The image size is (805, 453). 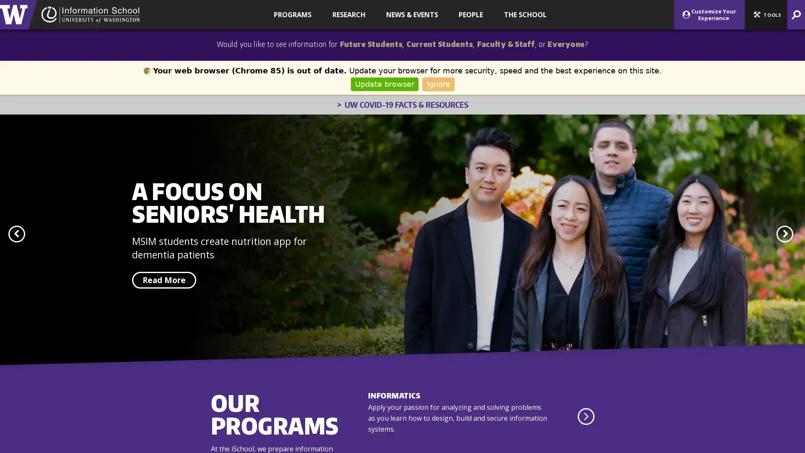 What do you see at coordinates (784, 234) in the screenshot?
I see `Next` at bounding box center [784, 234].